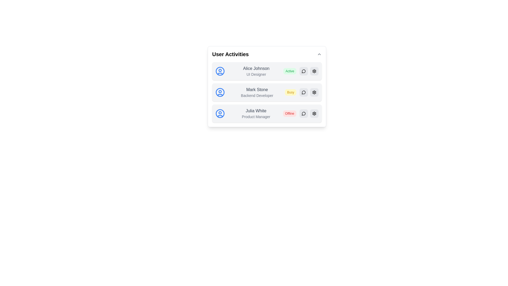 The image size is (508, 286). Describe the element at coordinates (220, 92) in the screenshot. I see `the user avatar icon representing 'Mark Stone', located to the left of the text 'Mark Stone Backend Developer'` at that location.